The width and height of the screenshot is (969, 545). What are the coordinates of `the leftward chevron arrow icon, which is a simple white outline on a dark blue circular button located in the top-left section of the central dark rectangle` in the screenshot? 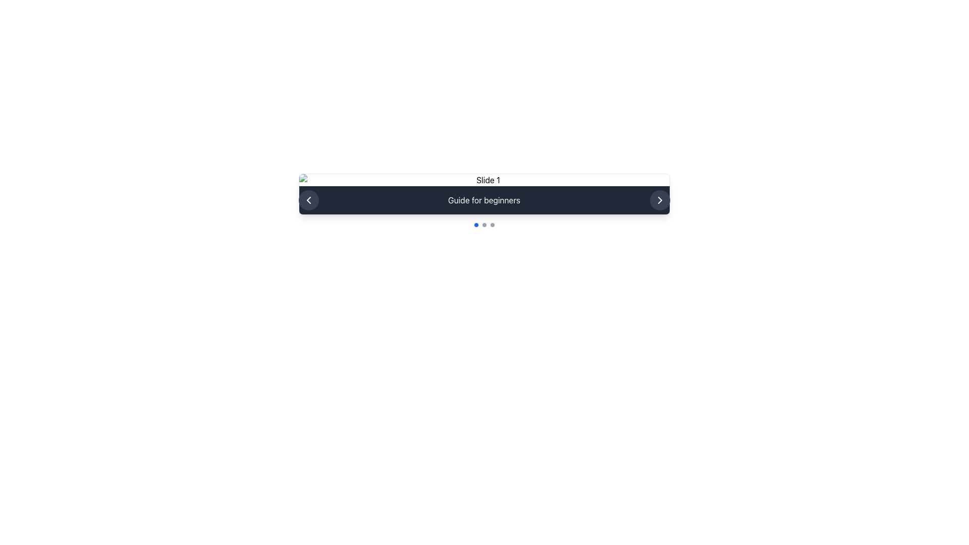 It's located at (308, 200).